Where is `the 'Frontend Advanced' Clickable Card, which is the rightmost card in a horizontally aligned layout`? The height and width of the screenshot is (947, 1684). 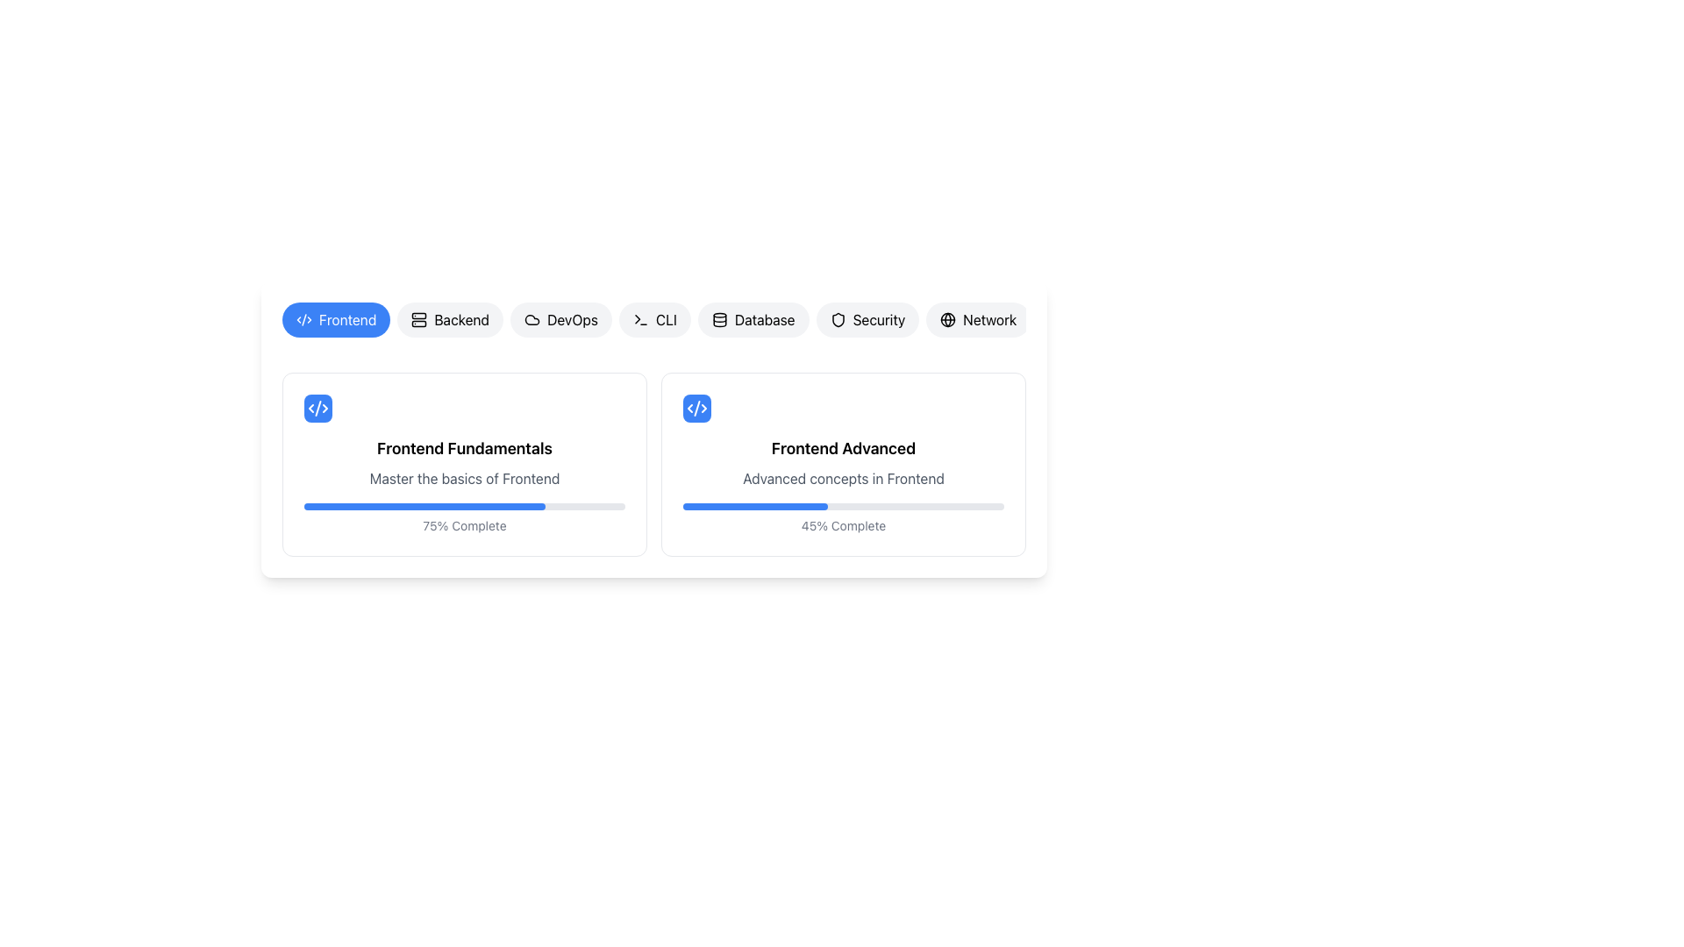 the 'Frontend Advanced' Clickable Card, which is the rightmost card in a horizontally aligned layout is located at coordinates (843, 463).